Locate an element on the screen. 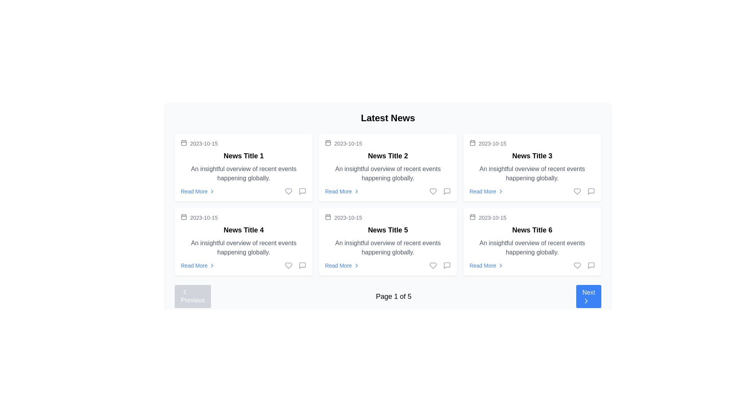 This screenshot has width=742, height=417. the calendar icon representing the date '2023-10-15' in the news section of the interface is located at coordinates (328, 143).